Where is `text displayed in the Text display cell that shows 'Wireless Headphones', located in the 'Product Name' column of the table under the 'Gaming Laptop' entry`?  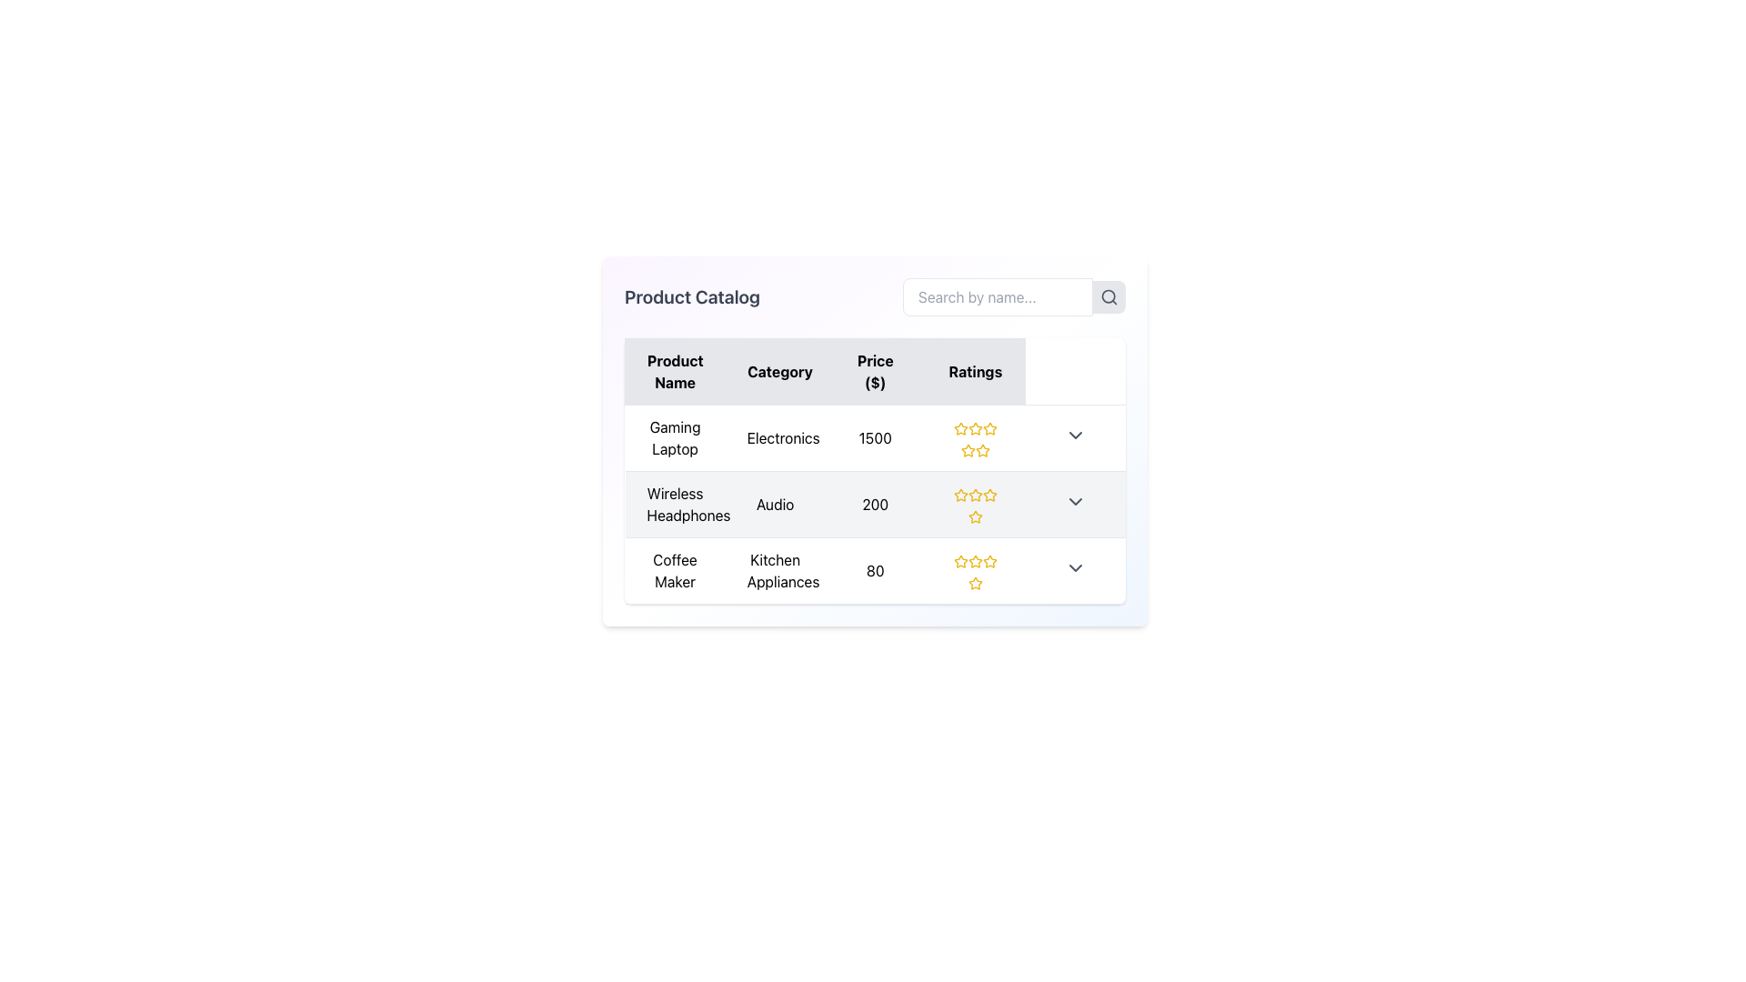
text displayed in the Text display cell that shows 'Wireless Headphones', located in the 'Product Name' column of the table under the 'Gaming Laptop' entry is located at coordinates (674, 505).